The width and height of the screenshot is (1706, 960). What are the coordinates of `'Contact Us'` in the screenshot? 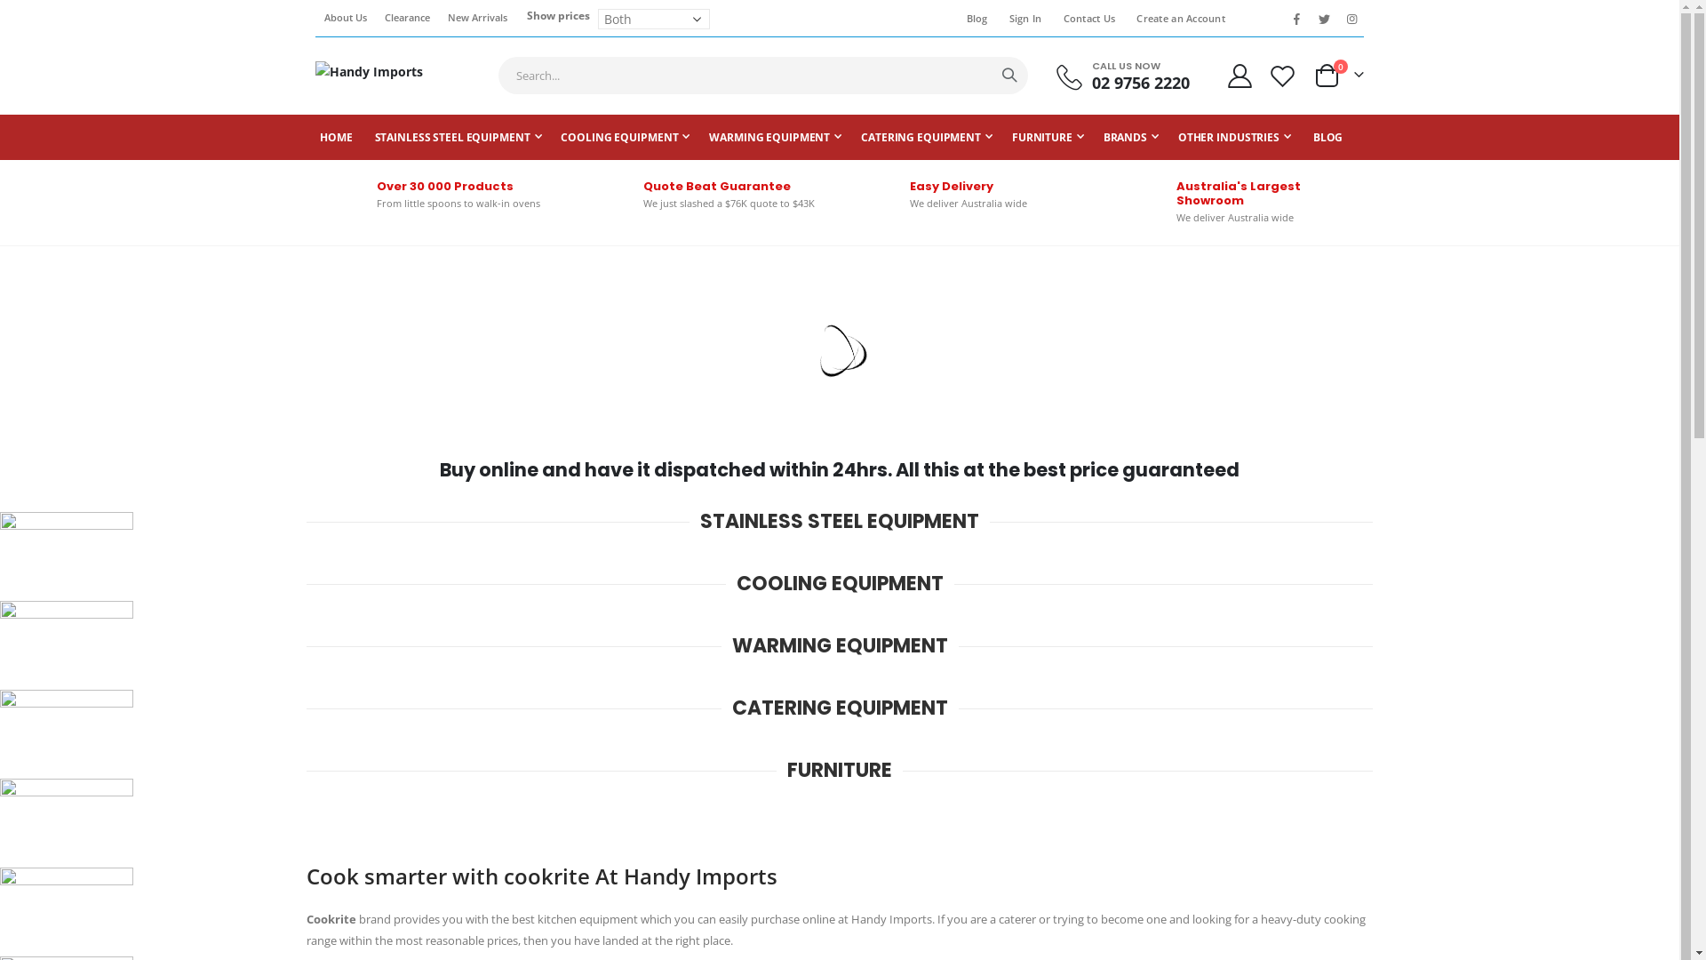 It's located at (1085, 18).